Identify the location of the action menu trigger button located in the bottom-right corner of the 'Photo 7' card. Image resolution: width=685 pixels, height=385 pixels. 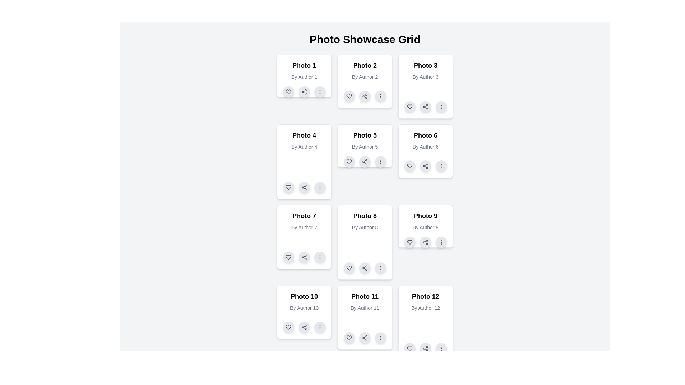
(320, 257).